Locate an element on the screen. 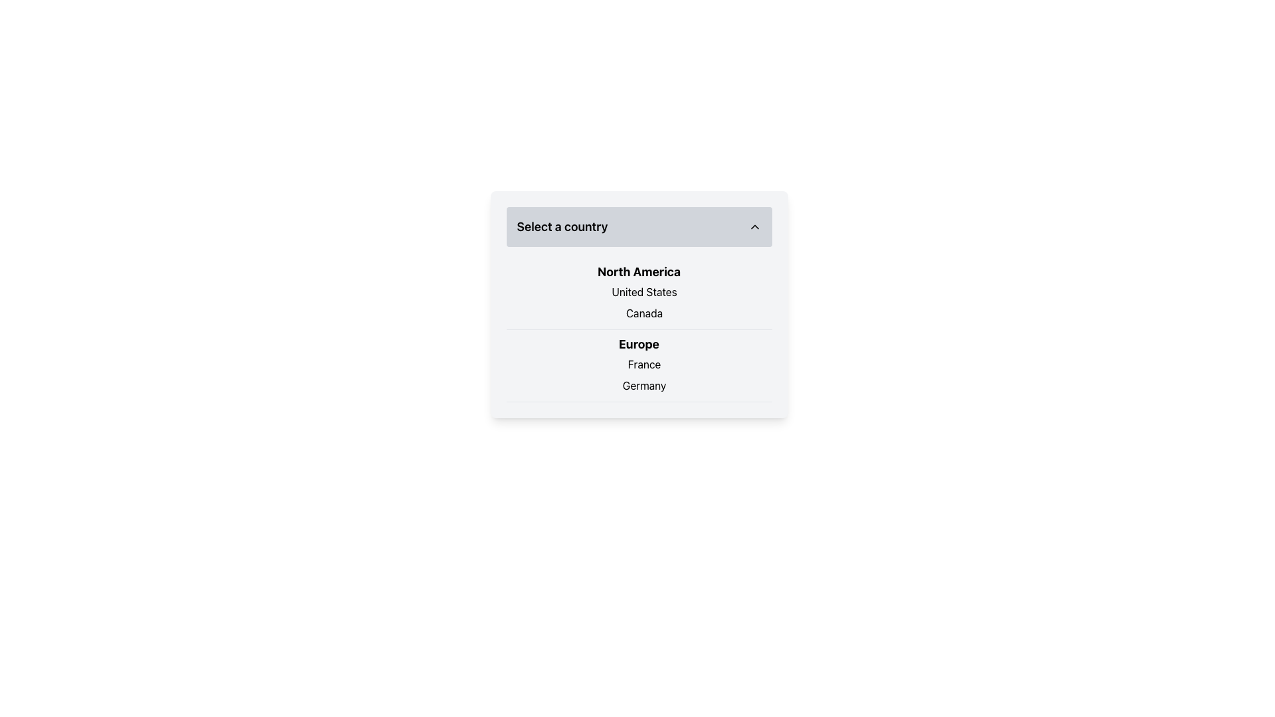 This screenshot has width=1275, height=717. the text label displaying 'France' is located at coordinates (639, 364).